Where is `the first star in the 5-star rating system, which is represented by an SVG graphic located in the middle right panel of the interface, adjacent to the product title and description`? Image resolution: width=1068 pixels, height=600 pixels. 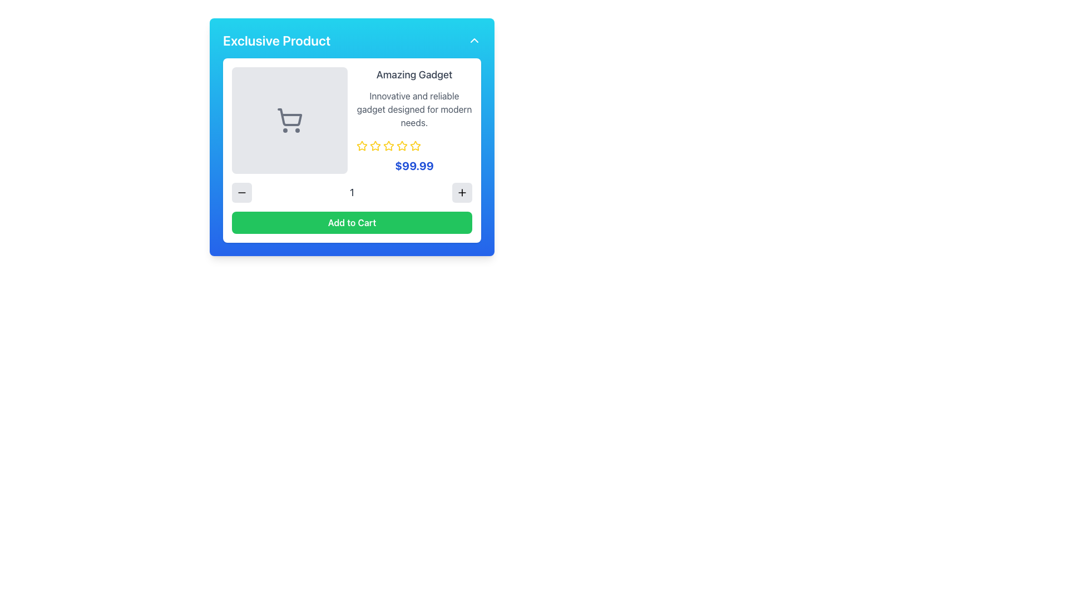
the first star in the 5-star rating system, which is represented by an SVG graphic located in the middle right panel of the interface, adjacent to the product title and description is located at coordinates (362, 145).